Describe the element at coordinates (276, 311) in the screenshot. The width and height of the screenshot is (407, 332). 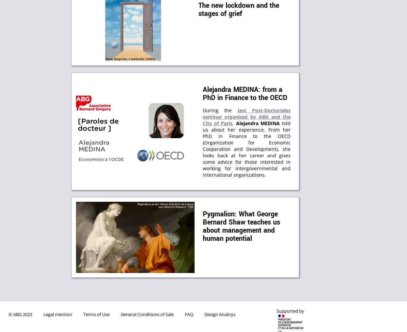
I see `'Supported by'` at that location.